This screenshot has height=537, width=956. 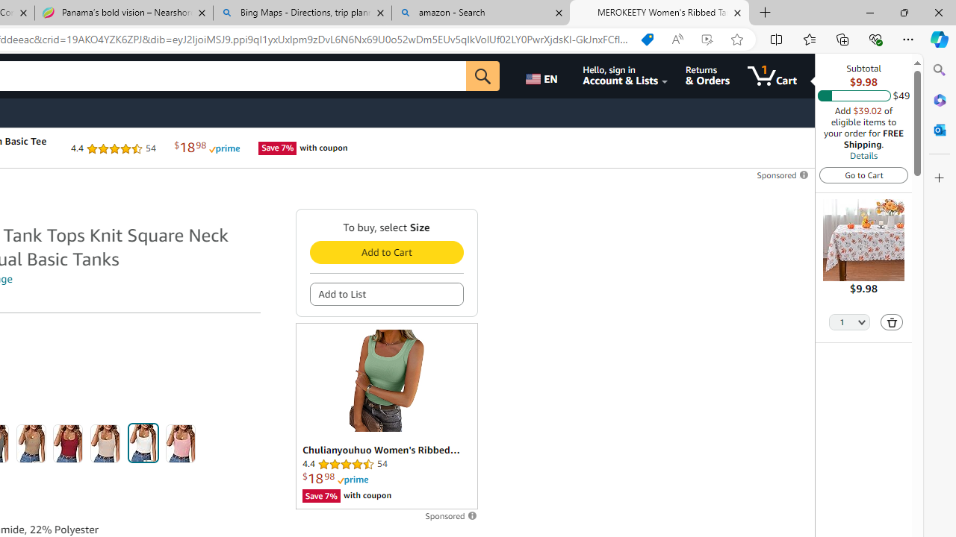 I want to click on 'Quantity Selector', so click(x=849, y=322).